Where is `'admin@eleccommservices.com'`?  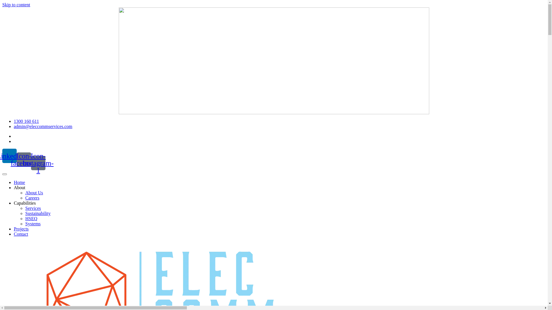
'admin@eleccommservices.com' is located at coordinates (43, 126).